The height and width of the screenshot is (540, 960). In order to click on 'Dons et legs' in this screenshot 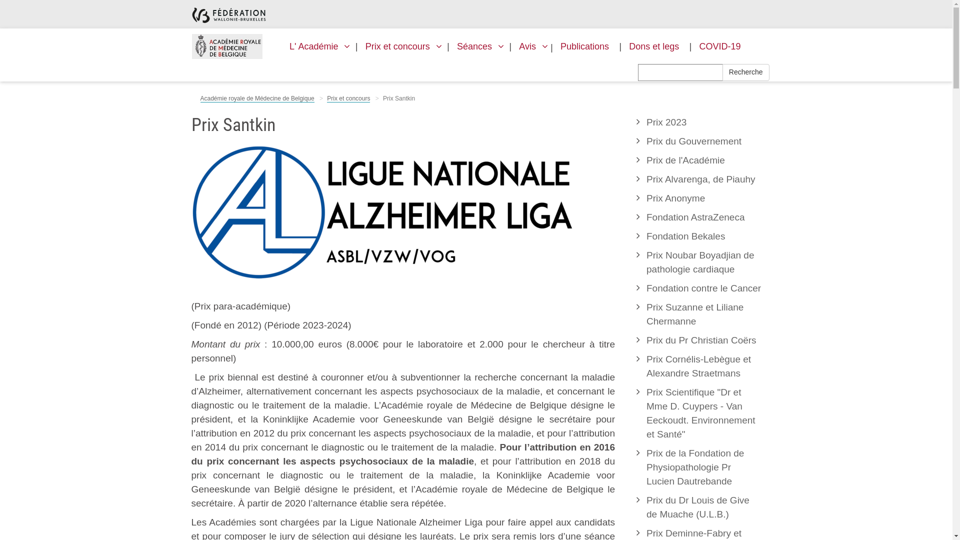, I will do `click(653, 46)`.